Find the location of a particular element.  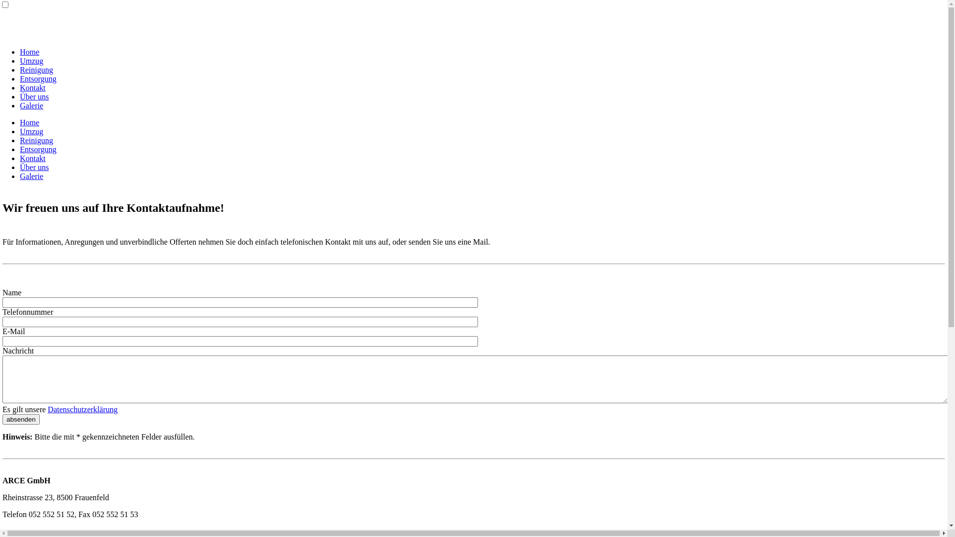

'Home' is located at coordinates (29, 122).